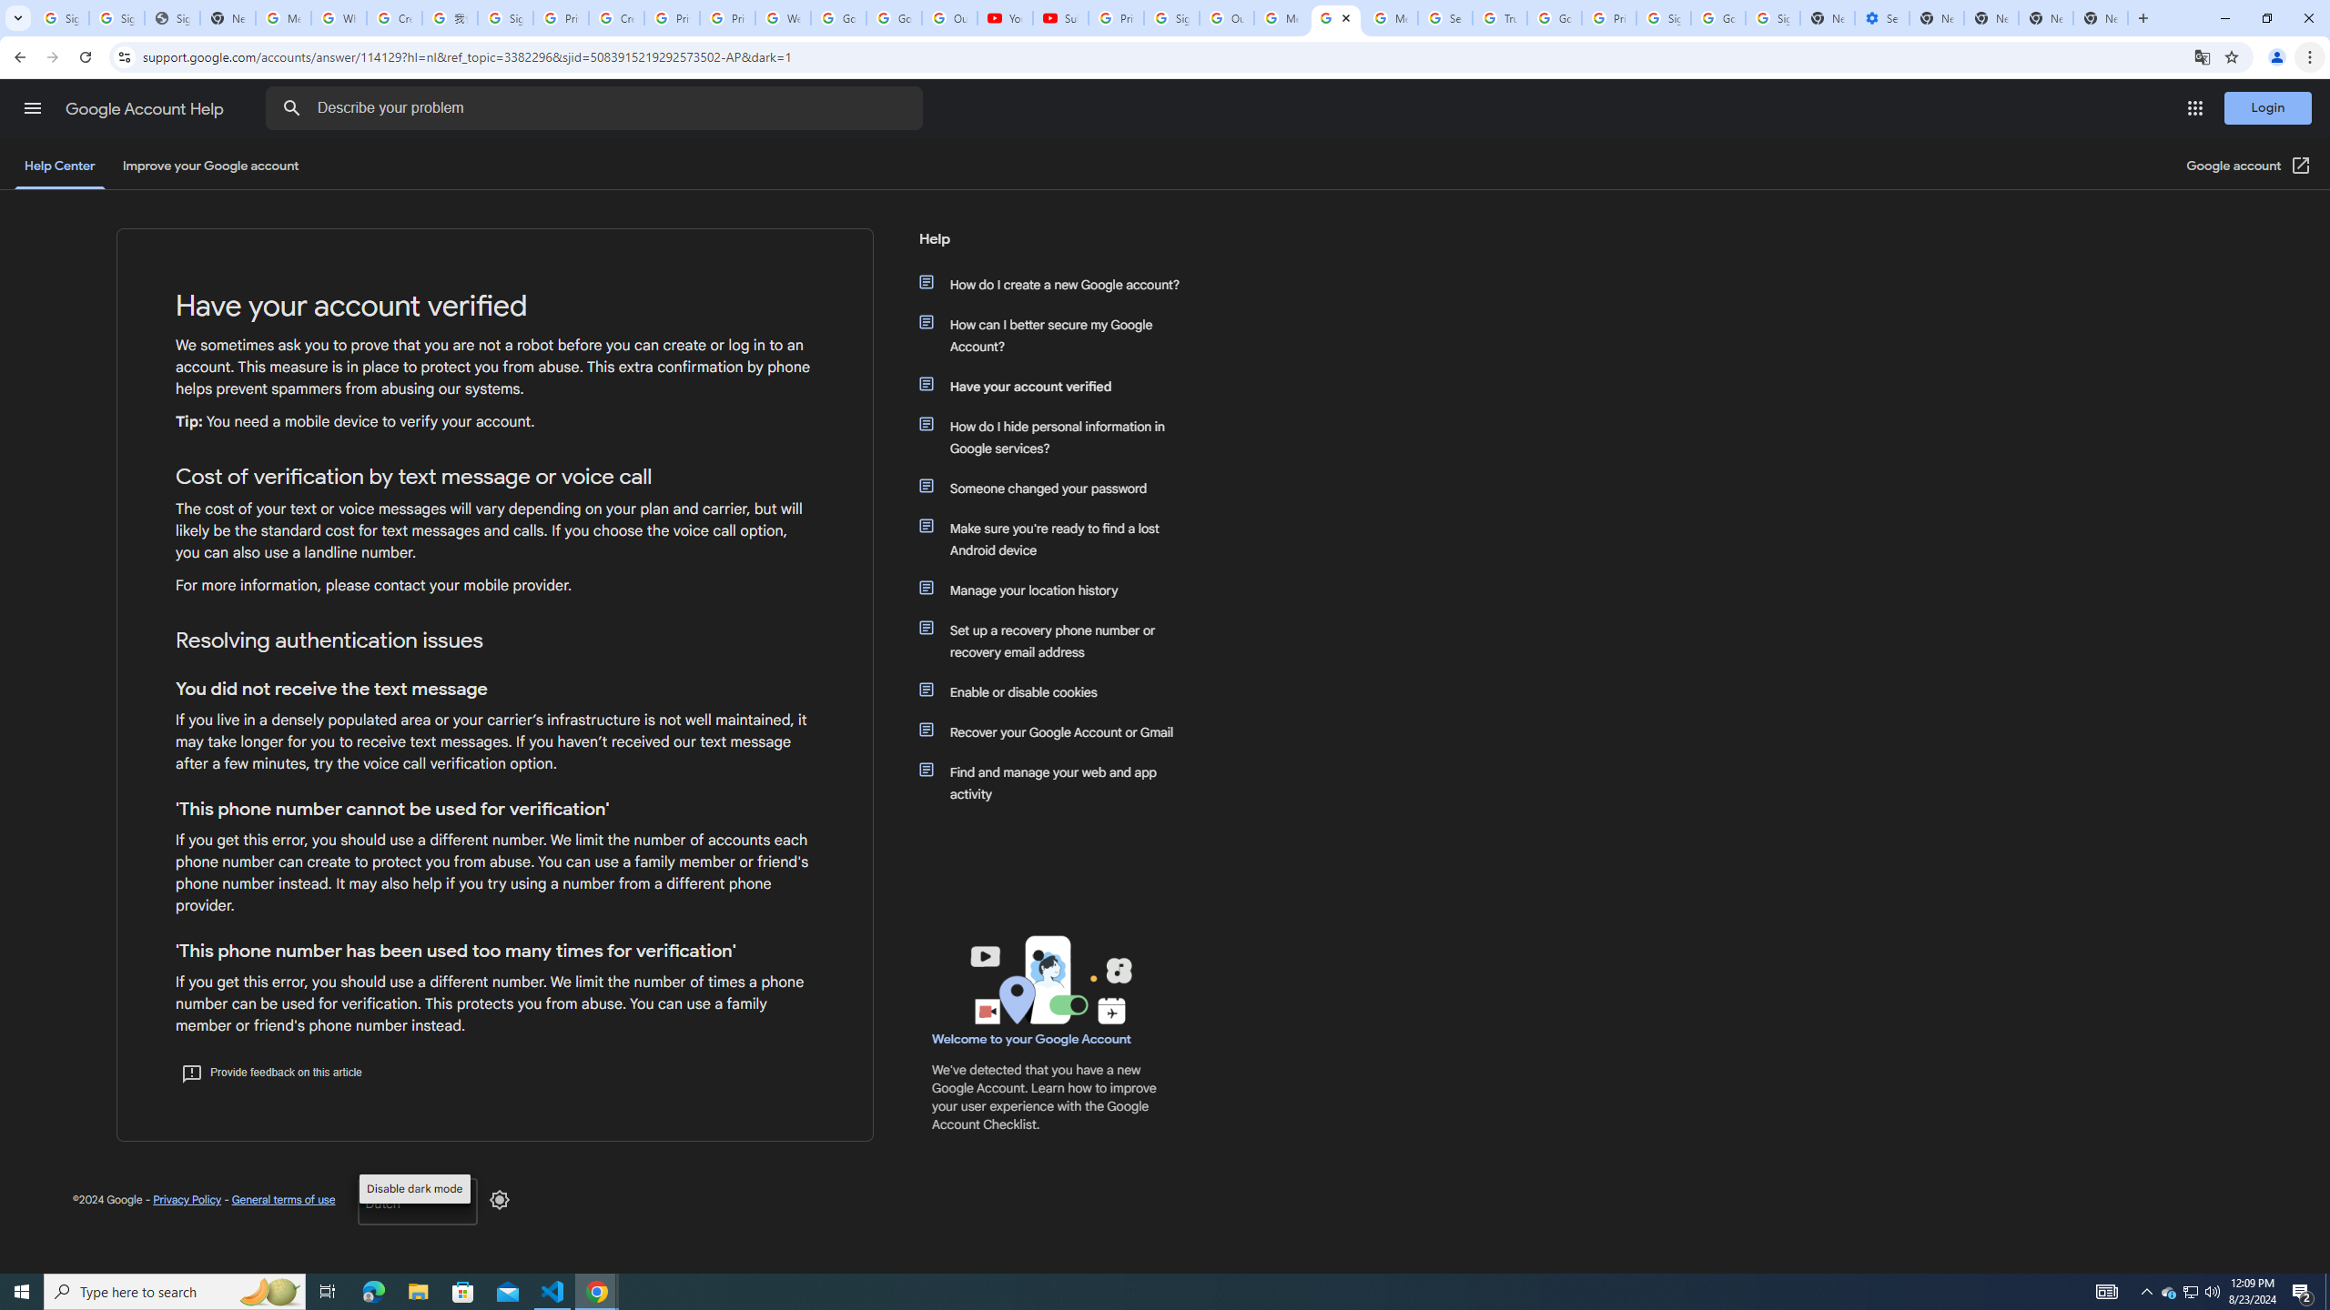 This screenshot has width=2330, height=1310. What do you see at coordinates (1499, 17) in the screenshot?
I see `'Trusted Information and Content - Google Safety Center'` at bounding box center [1499, 17].